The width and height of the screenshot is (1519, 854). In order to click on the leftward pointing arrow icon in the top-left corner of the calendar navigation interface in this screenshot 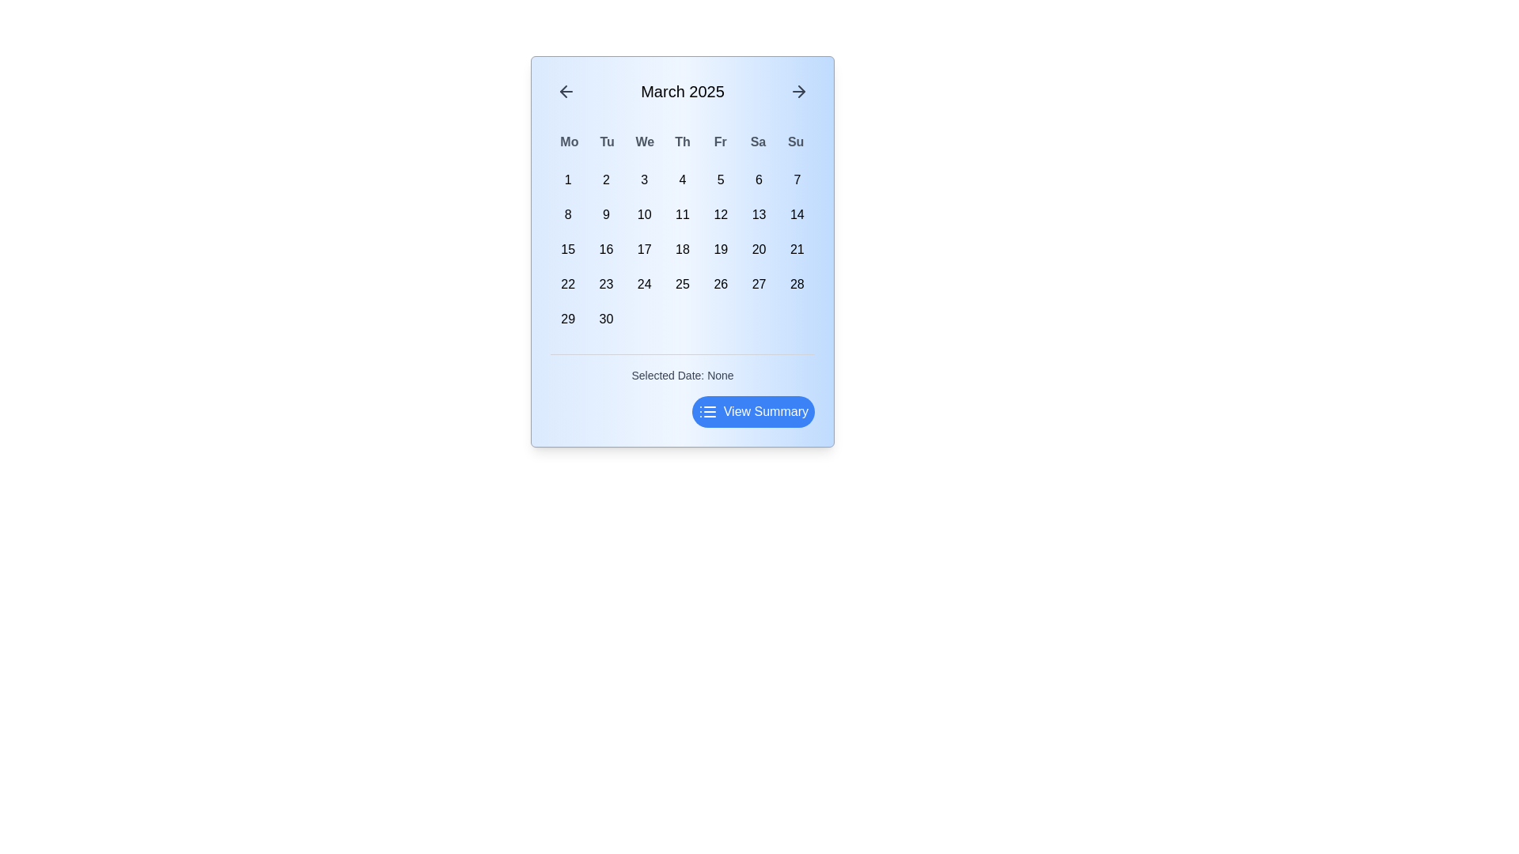, I will do `click(563, 91)`.